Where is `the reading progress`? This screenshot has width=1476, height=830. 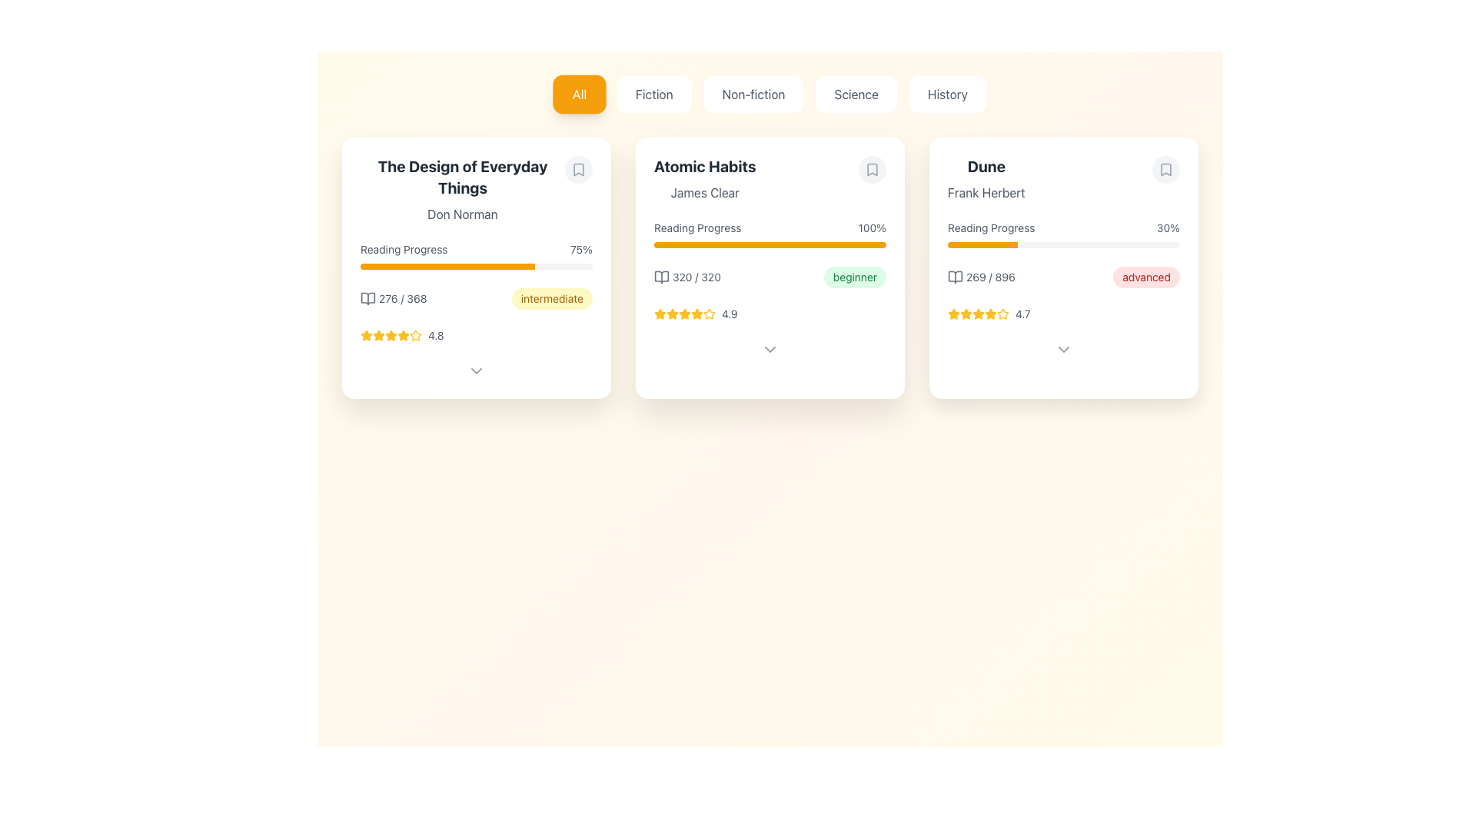
the reading progress is located at coordinates (994, 244).